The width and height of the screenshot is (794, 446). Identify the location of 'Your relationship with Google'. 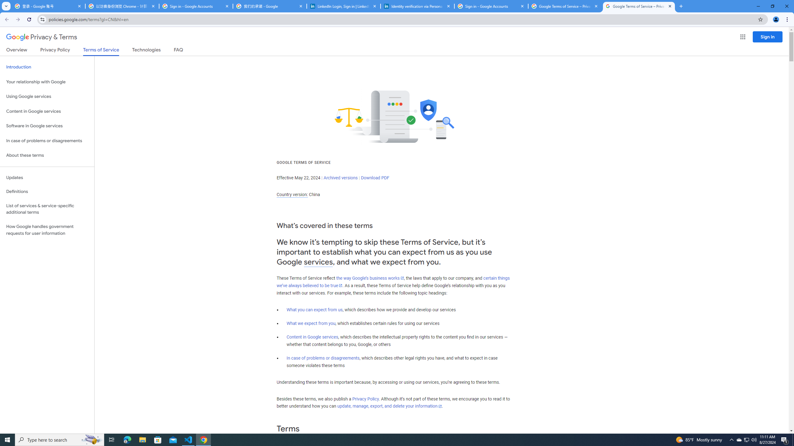
(47, 82).